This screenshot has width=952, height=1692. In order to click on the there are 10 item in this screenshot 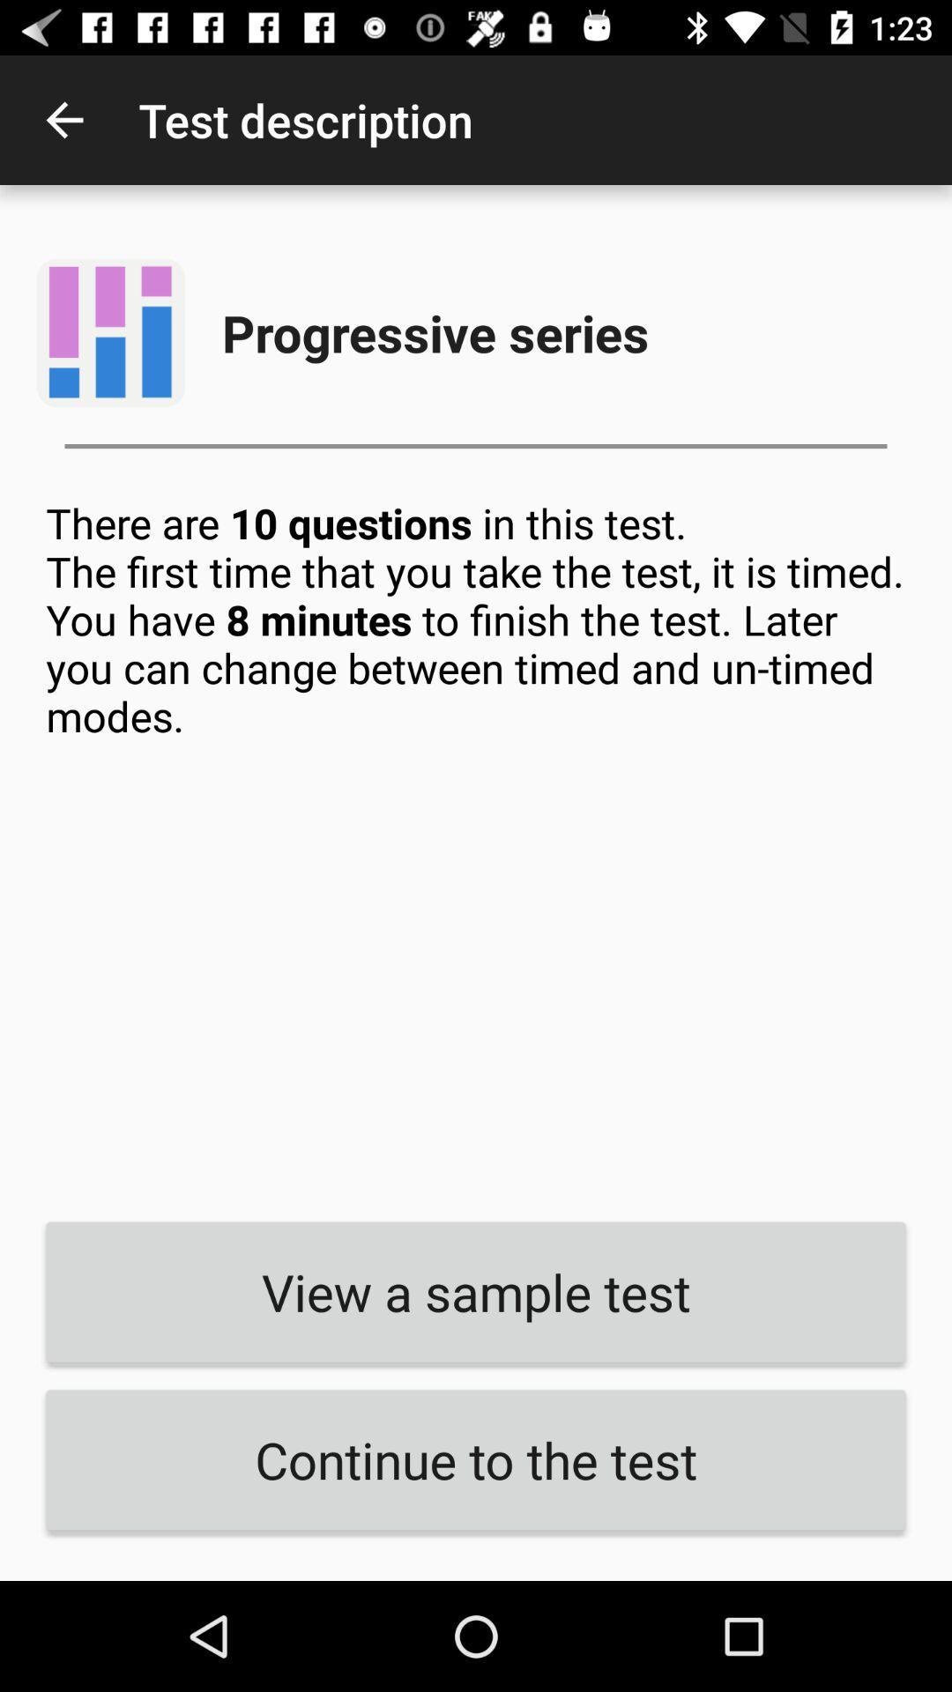, I will do `click(476, 847)`.